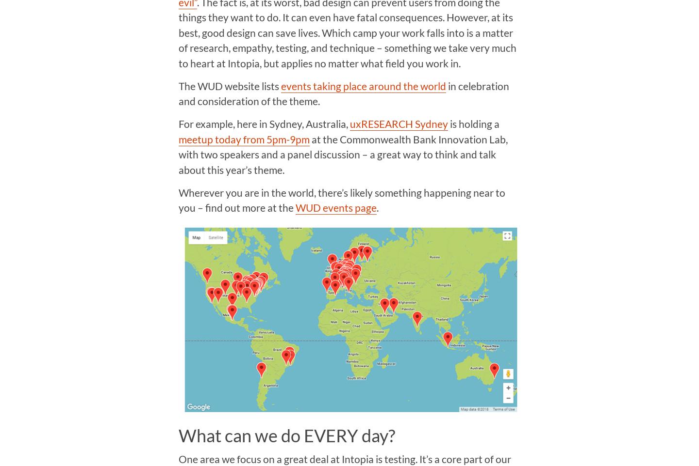 This screenshot has width=699, height=466. I want to click on 'Wherever you are in the world, there’s likely something happening near to you – find out more at the', so click(341, 199).